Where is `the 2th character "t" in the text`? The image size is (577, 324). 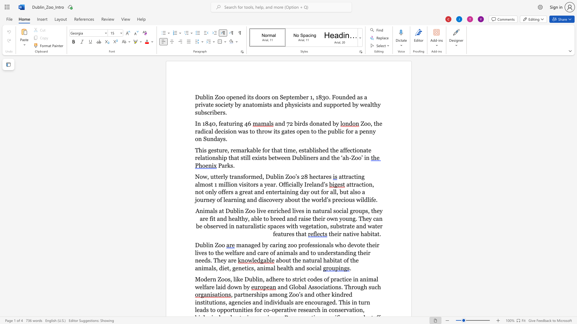
the 2th character "t" in the text is located at coordinates (261, 226).